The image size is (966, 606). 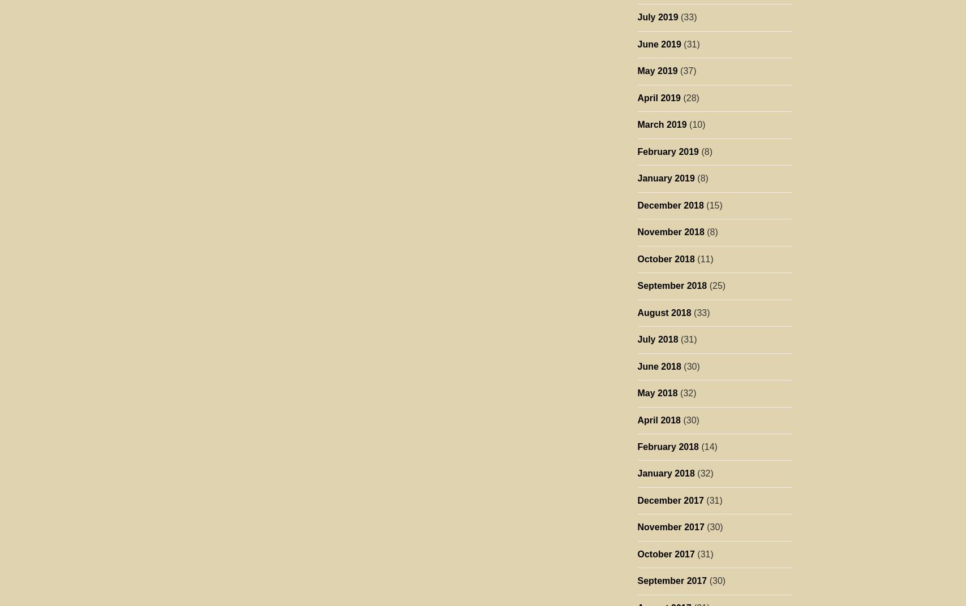 I want to click on 'September 2017', so click(x=636, y=581).